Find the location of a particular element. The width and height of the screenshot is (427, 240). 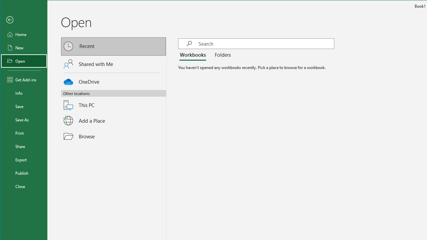

'Get Add-ins' is located at coordinates (24, 79).